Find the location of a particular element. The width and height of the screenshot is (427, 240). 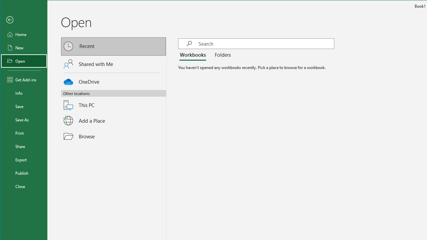

'Get Add-ins' is located at coordinates (24, 79).